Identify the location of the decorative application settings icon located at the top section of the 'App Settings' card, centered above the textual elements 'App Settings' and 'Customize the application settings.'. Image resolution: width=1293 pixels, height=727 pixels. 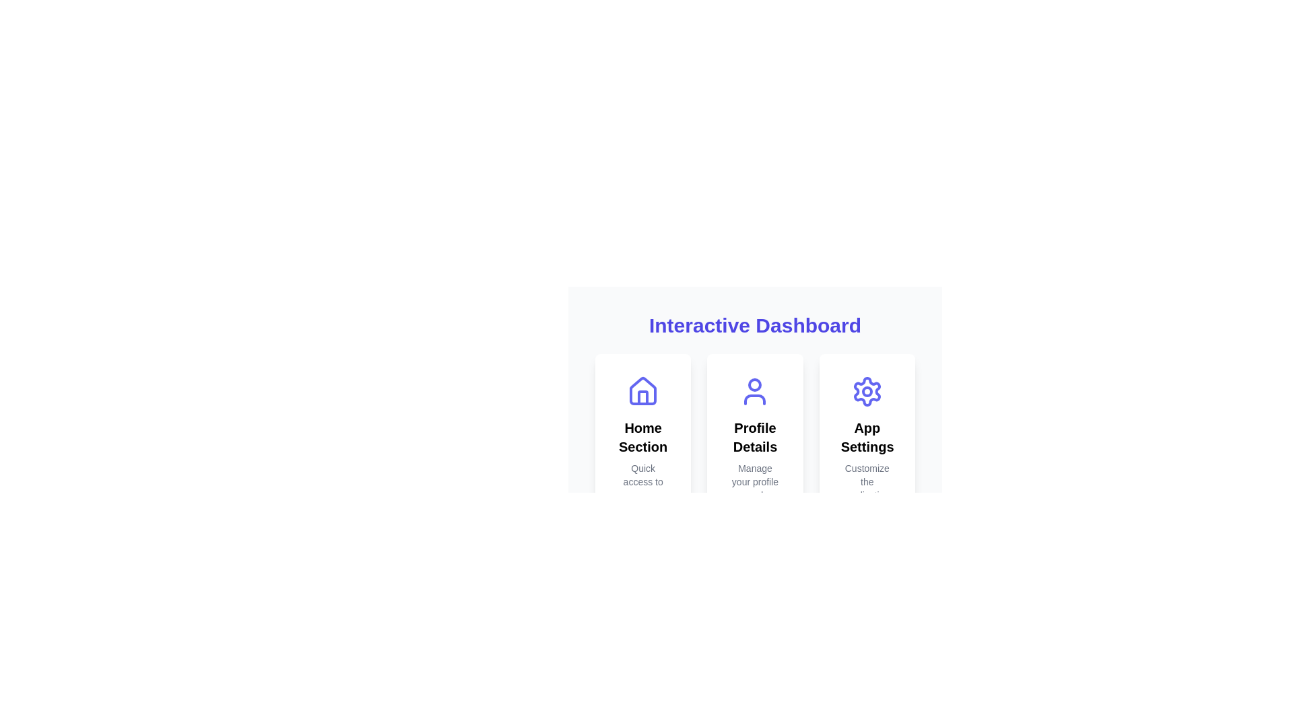
(867, 392).